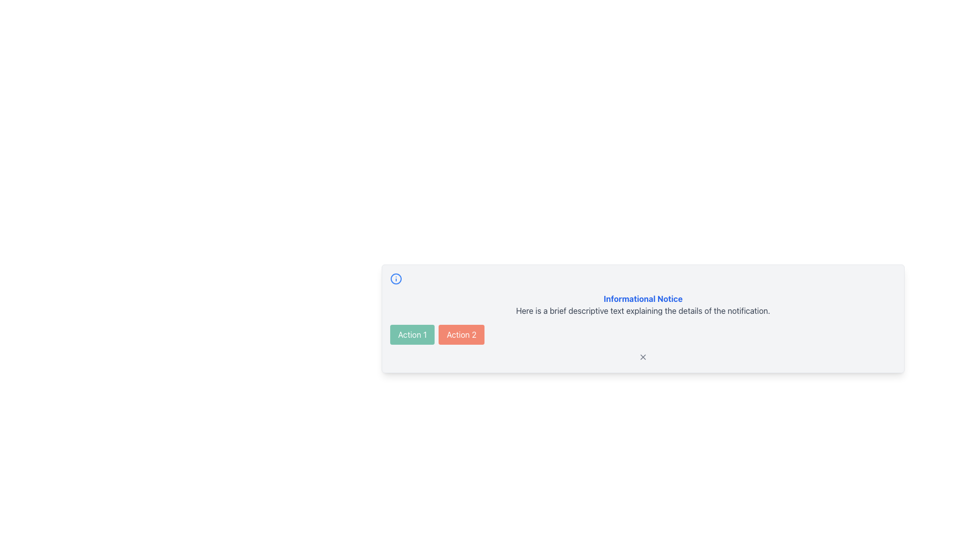 Image resolution: width=958 pixels, height=538 pixels. What do you see at coordinates (643, 357) in the screenshot?
I see `the close icon button located at the bottom-right corner of the notification` at bounding box center [643, 357].